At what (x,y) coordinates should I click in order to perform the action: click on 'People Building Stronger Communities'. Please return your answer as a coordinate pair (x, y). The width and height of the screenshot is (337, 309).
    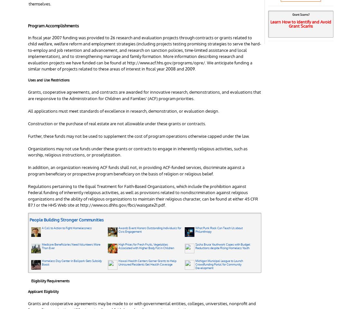
    Looking at the image, I should click on (66, 220).